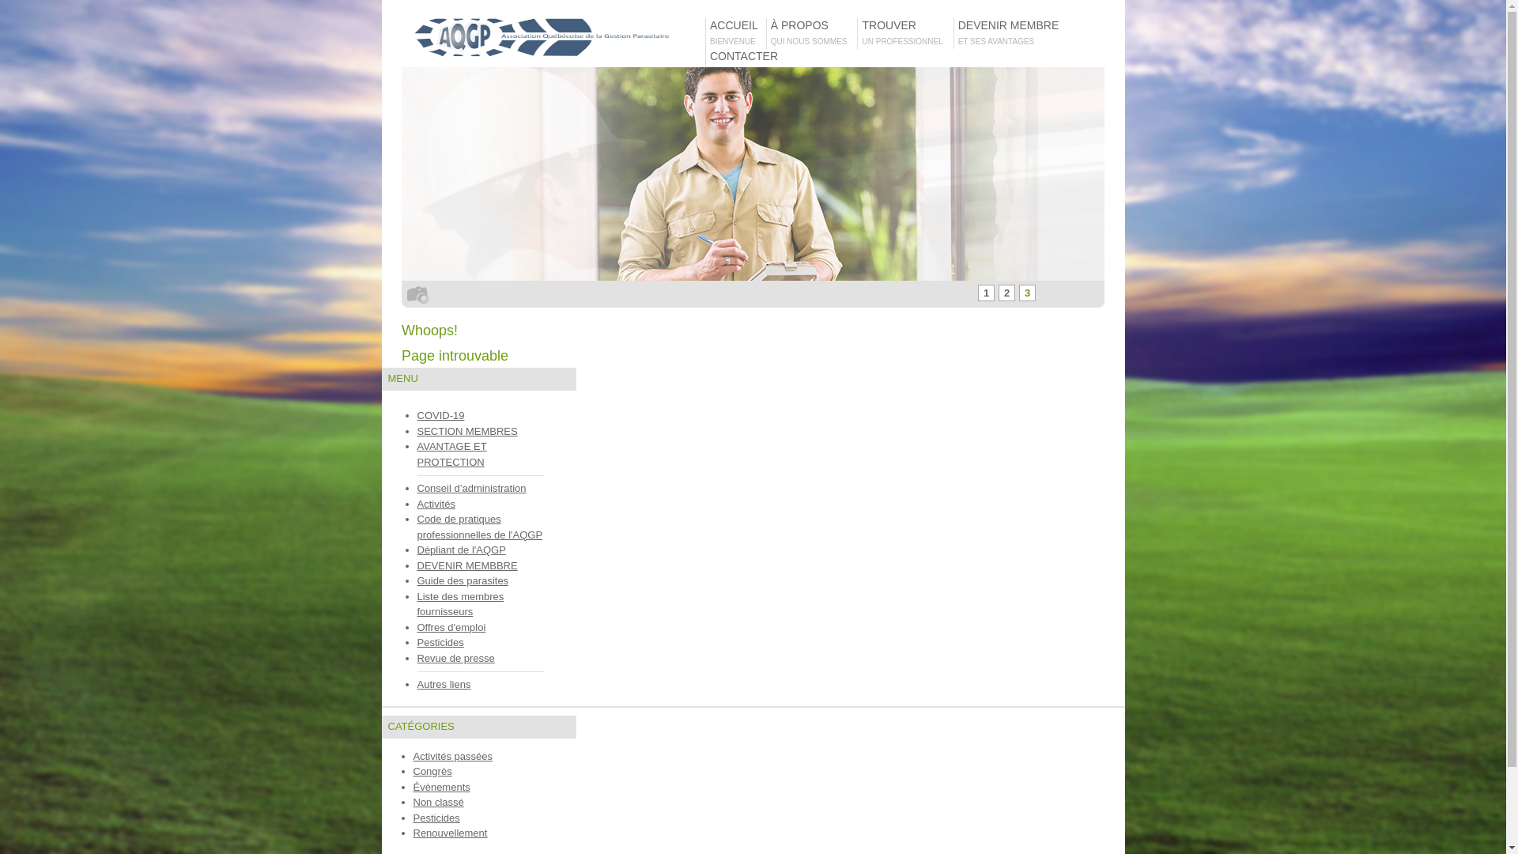 Image resolution: width=1518 pixels, height=854 pixels. What do you see at coordinates (466, 431) in the screenshot?
I see `'SECTION MEMBRES'` at bounding box center [466, 431].